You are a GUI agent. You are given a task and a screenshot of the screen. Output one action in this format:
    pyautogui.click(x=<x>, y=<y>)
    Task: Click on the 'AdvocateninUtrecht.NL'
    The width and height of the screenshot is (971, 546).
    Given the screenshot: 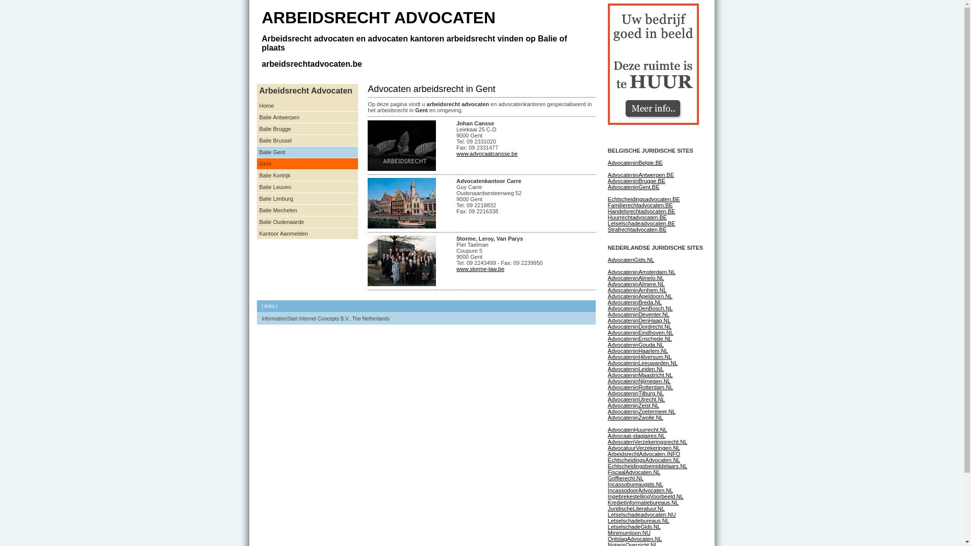 What is the action you would take?
    pyautogui.click(x=607, y=399)
    